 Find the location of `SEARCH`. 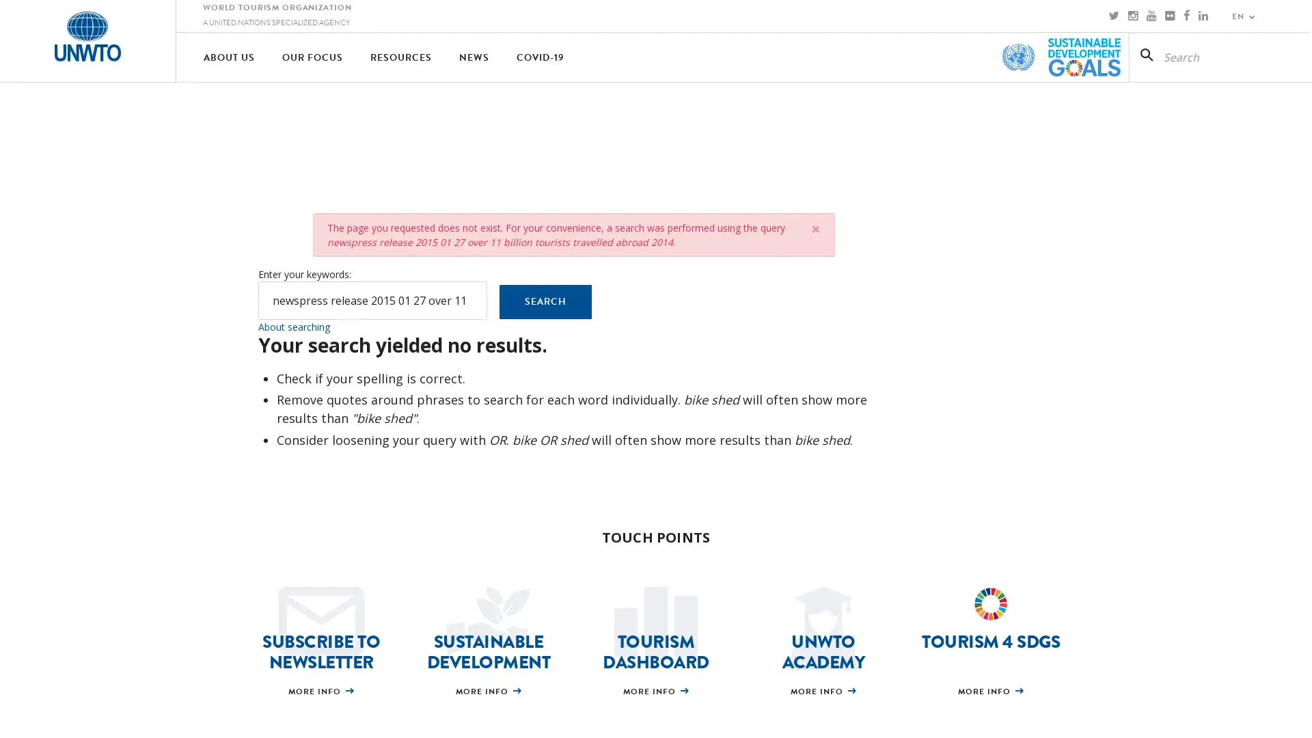

SEARCH is located at coordinates (544, 301).